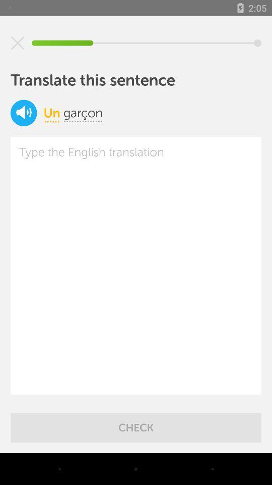 The width and height of the screenshot is (272, 485). I want to click on the volume icon, so click(24, 113).